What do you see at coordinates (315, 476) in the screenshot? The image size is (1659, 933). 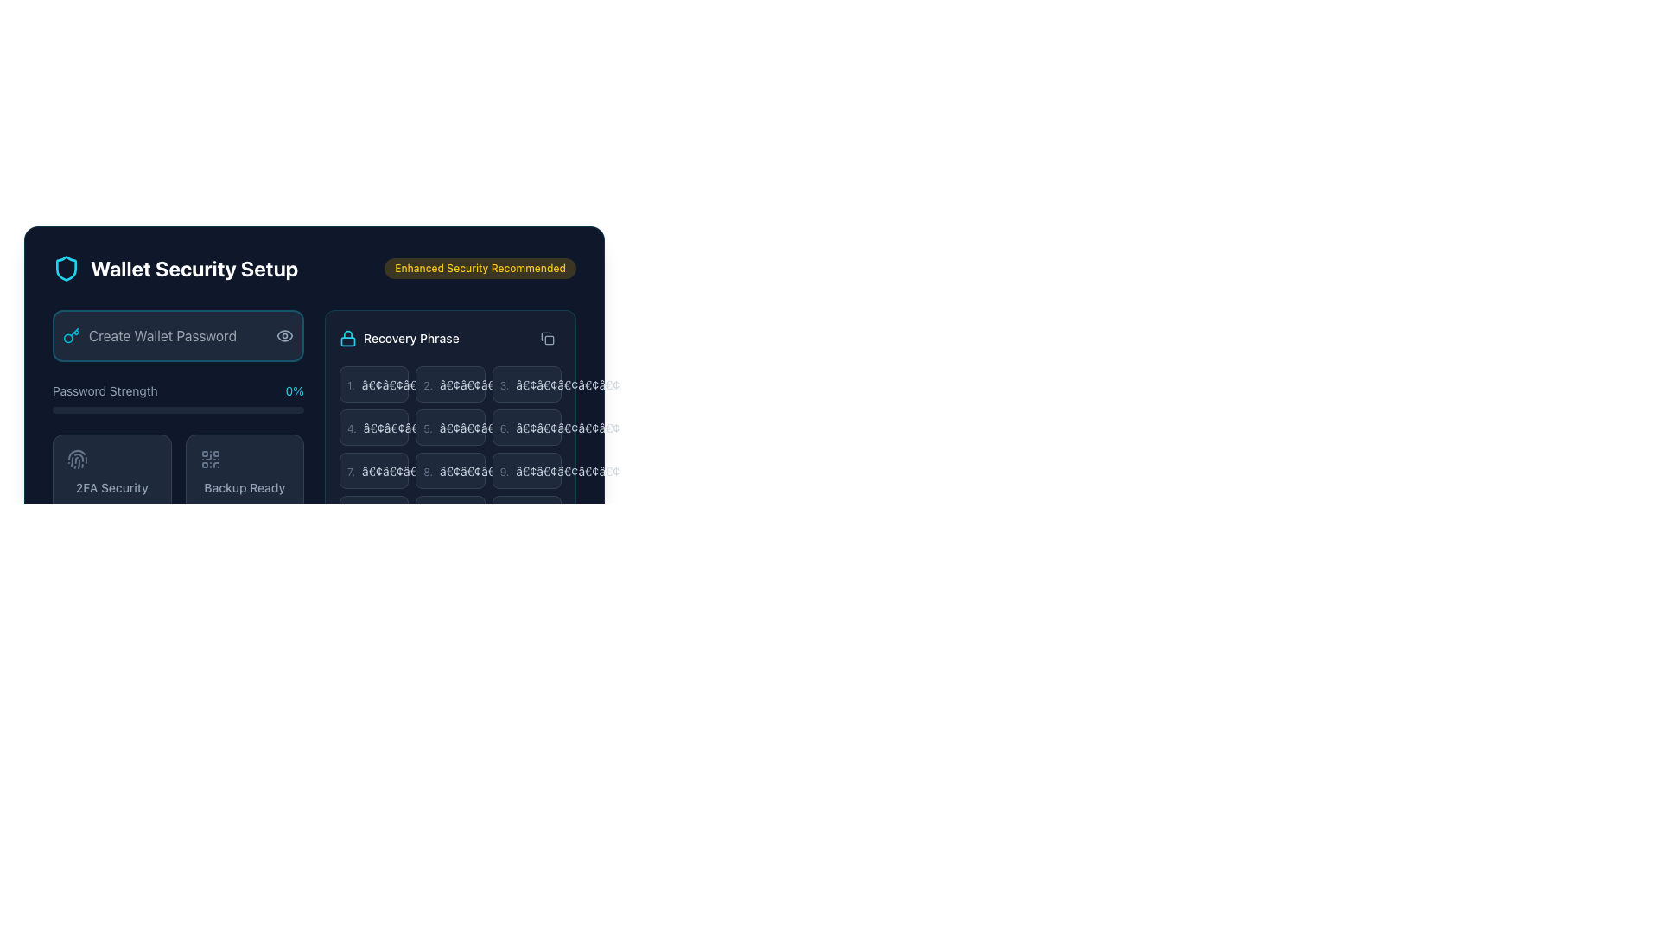 I see `the recovery phrase copy button in the wallet security setup component, which is part of a composite UI that includes password strength and recovery phrase sections` at bounding box center [315, 476].